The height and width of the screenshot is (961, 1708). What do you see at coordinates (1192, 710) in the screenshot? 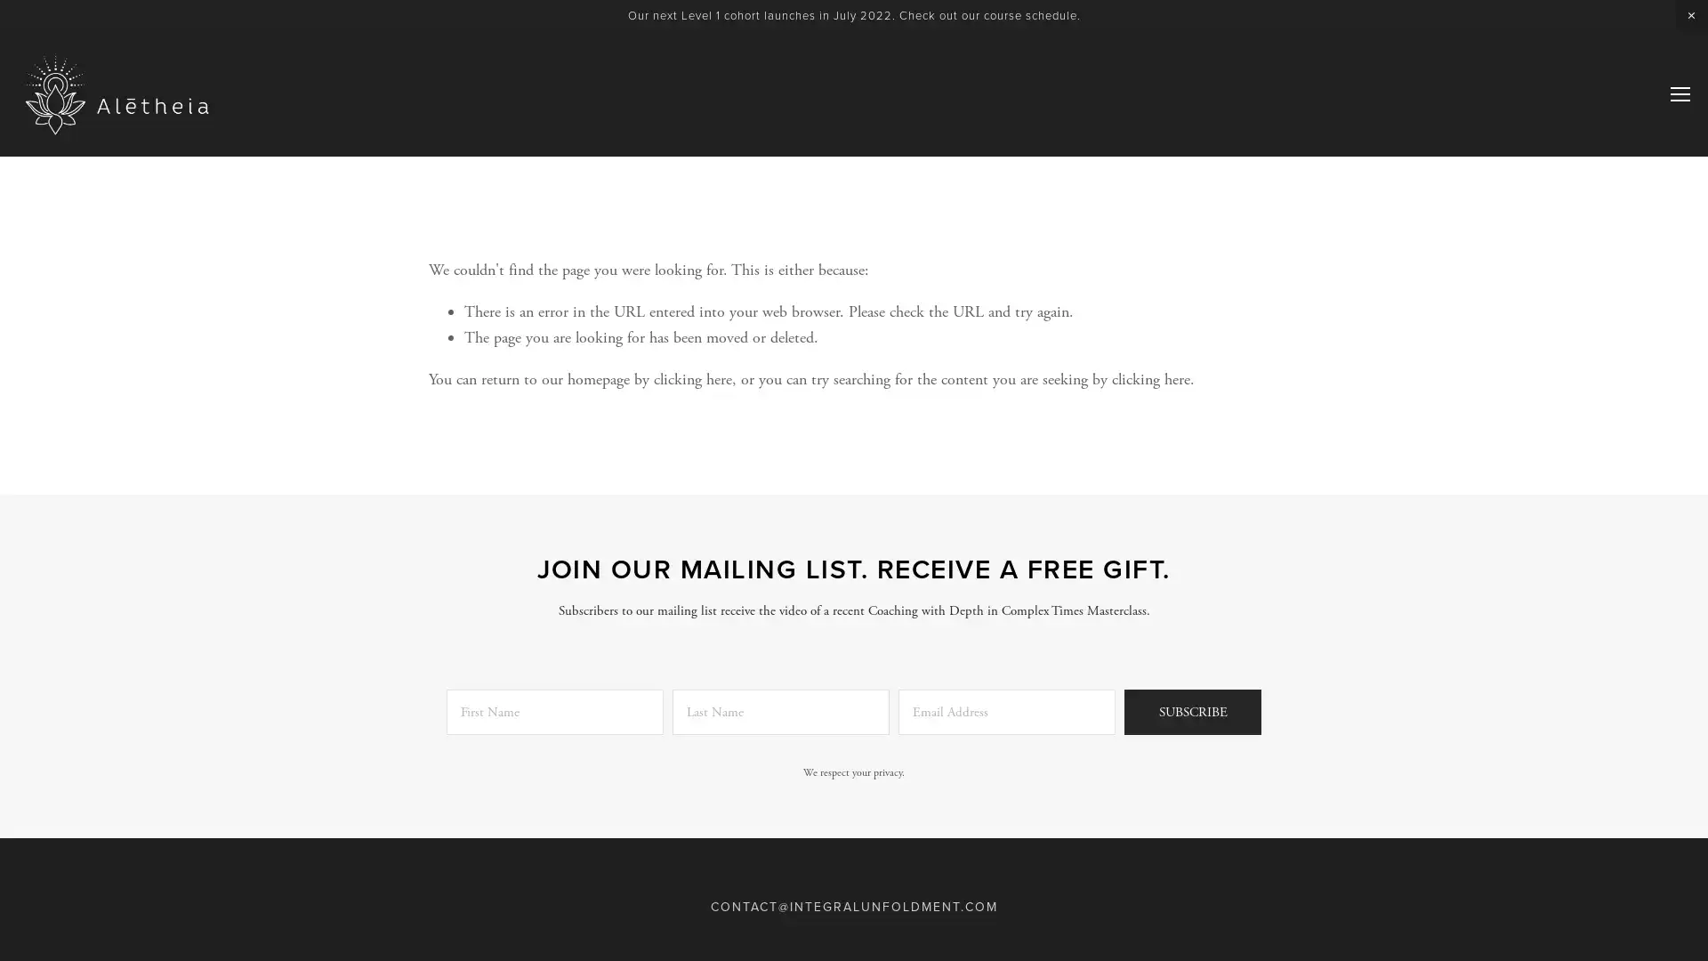
I see `SUBSCRIBE` at bounding box center [1192, 710].